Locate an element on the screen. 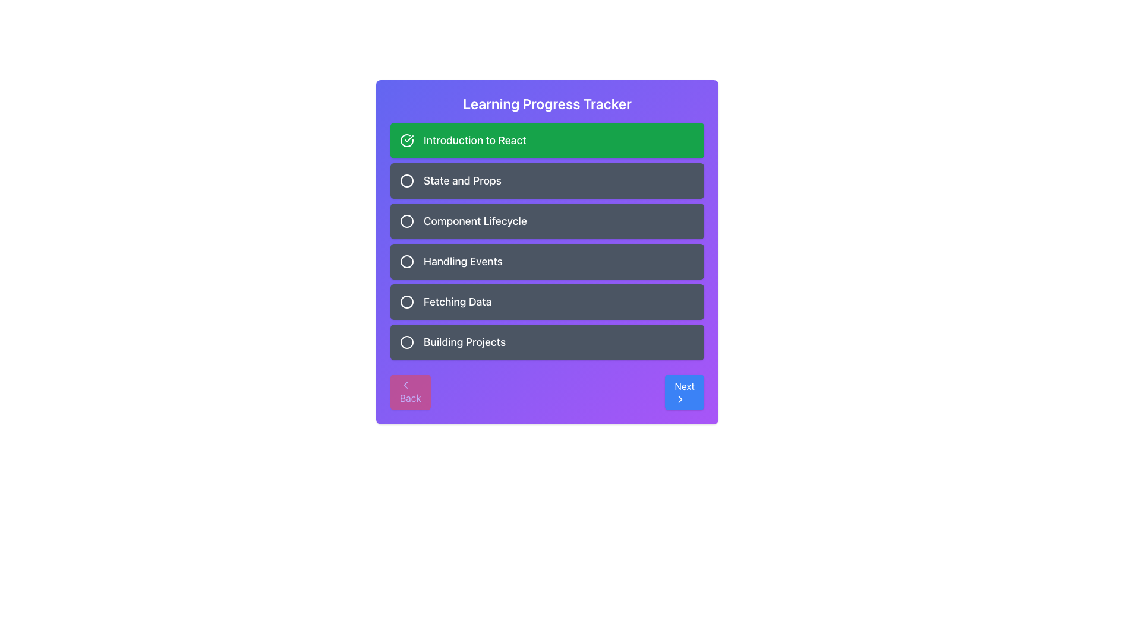 The image size is (1141, 641). the radio button marker for the list item 'Fetching Data' is located at coordinates (407, 302).